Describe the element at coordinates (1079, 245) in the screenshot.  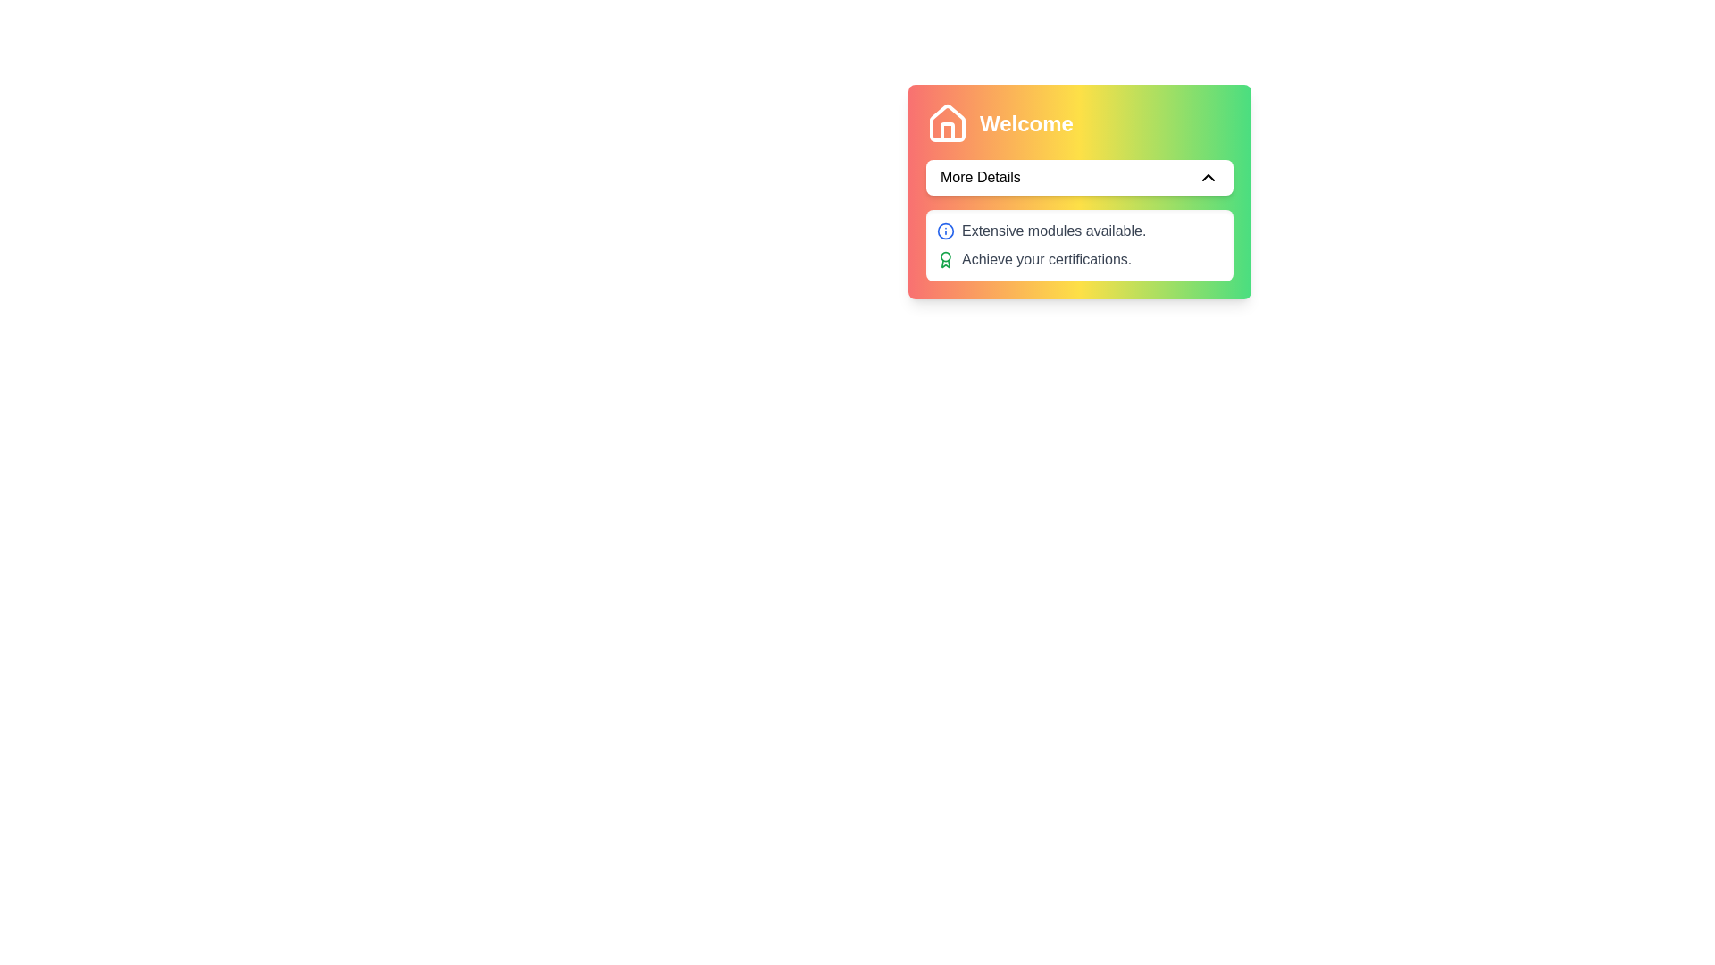
I see `the informational text block located within the 'Welcome' card, positioned below the text input field and containing insights about modules and certifications` at that location.